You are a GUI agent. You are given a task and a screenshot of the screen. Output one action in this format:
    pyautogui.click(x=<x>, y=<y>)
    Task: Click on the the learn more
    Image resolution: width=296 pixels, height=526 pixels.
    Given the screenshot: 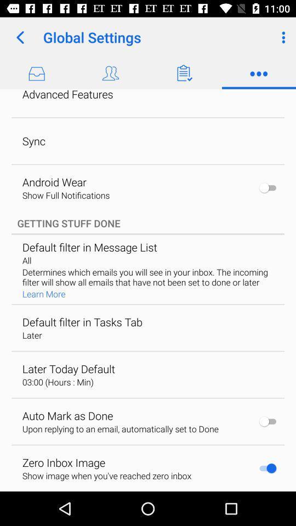 What is the action you would take?
    pyautogui.click(x=43, y=293)
    